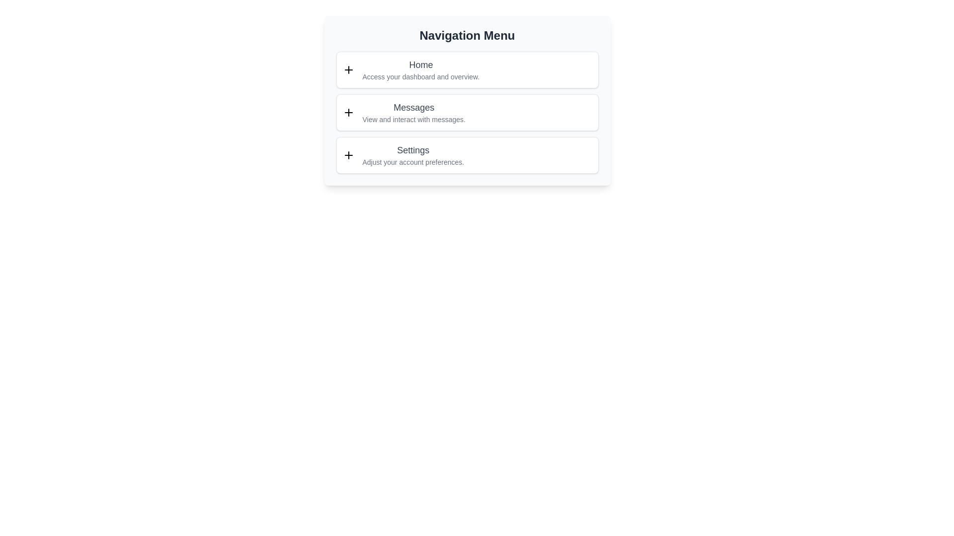  I want to click on the purple plus icon located in the third row of the navigation menu, to the left of the 'Settings' text, so click(348, 155).